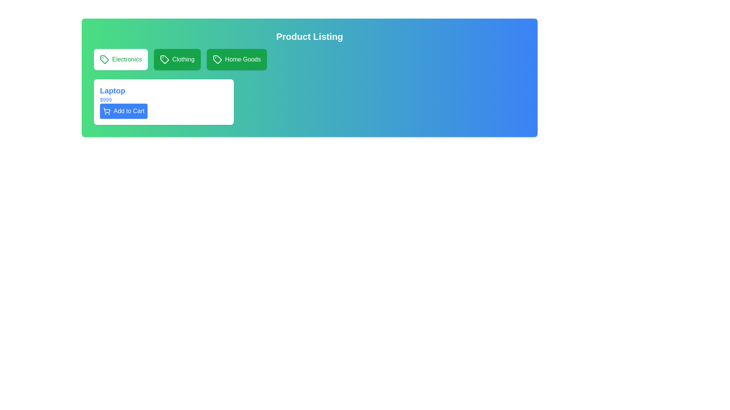 Image resolution: width=730 pixels, height=410 pixels. What do you see at coordinates (104, 59) in the screenshot?
I see `the 'Electronics' button that contains the tag-shaped icon with a green stroke and a circular dot near one end` at bounding box center [104, 59].